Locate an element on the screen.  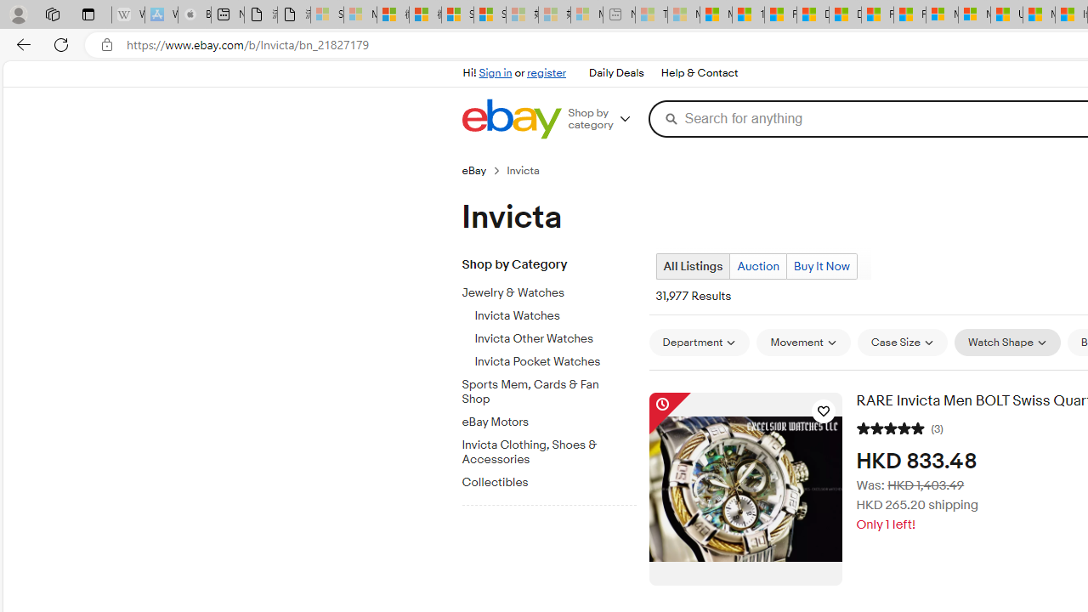
'Invicta Clothing, Shoes & Accessories' is located at coordinates (541, 451).